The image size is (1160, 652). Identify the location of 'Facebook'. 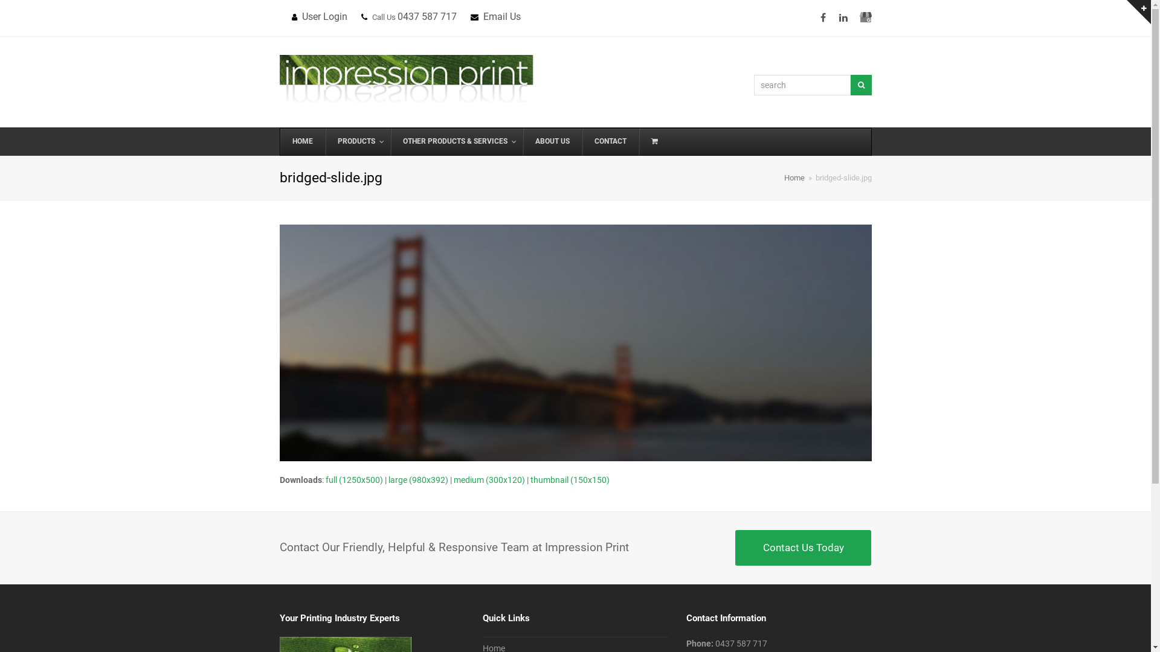
(814, 18).